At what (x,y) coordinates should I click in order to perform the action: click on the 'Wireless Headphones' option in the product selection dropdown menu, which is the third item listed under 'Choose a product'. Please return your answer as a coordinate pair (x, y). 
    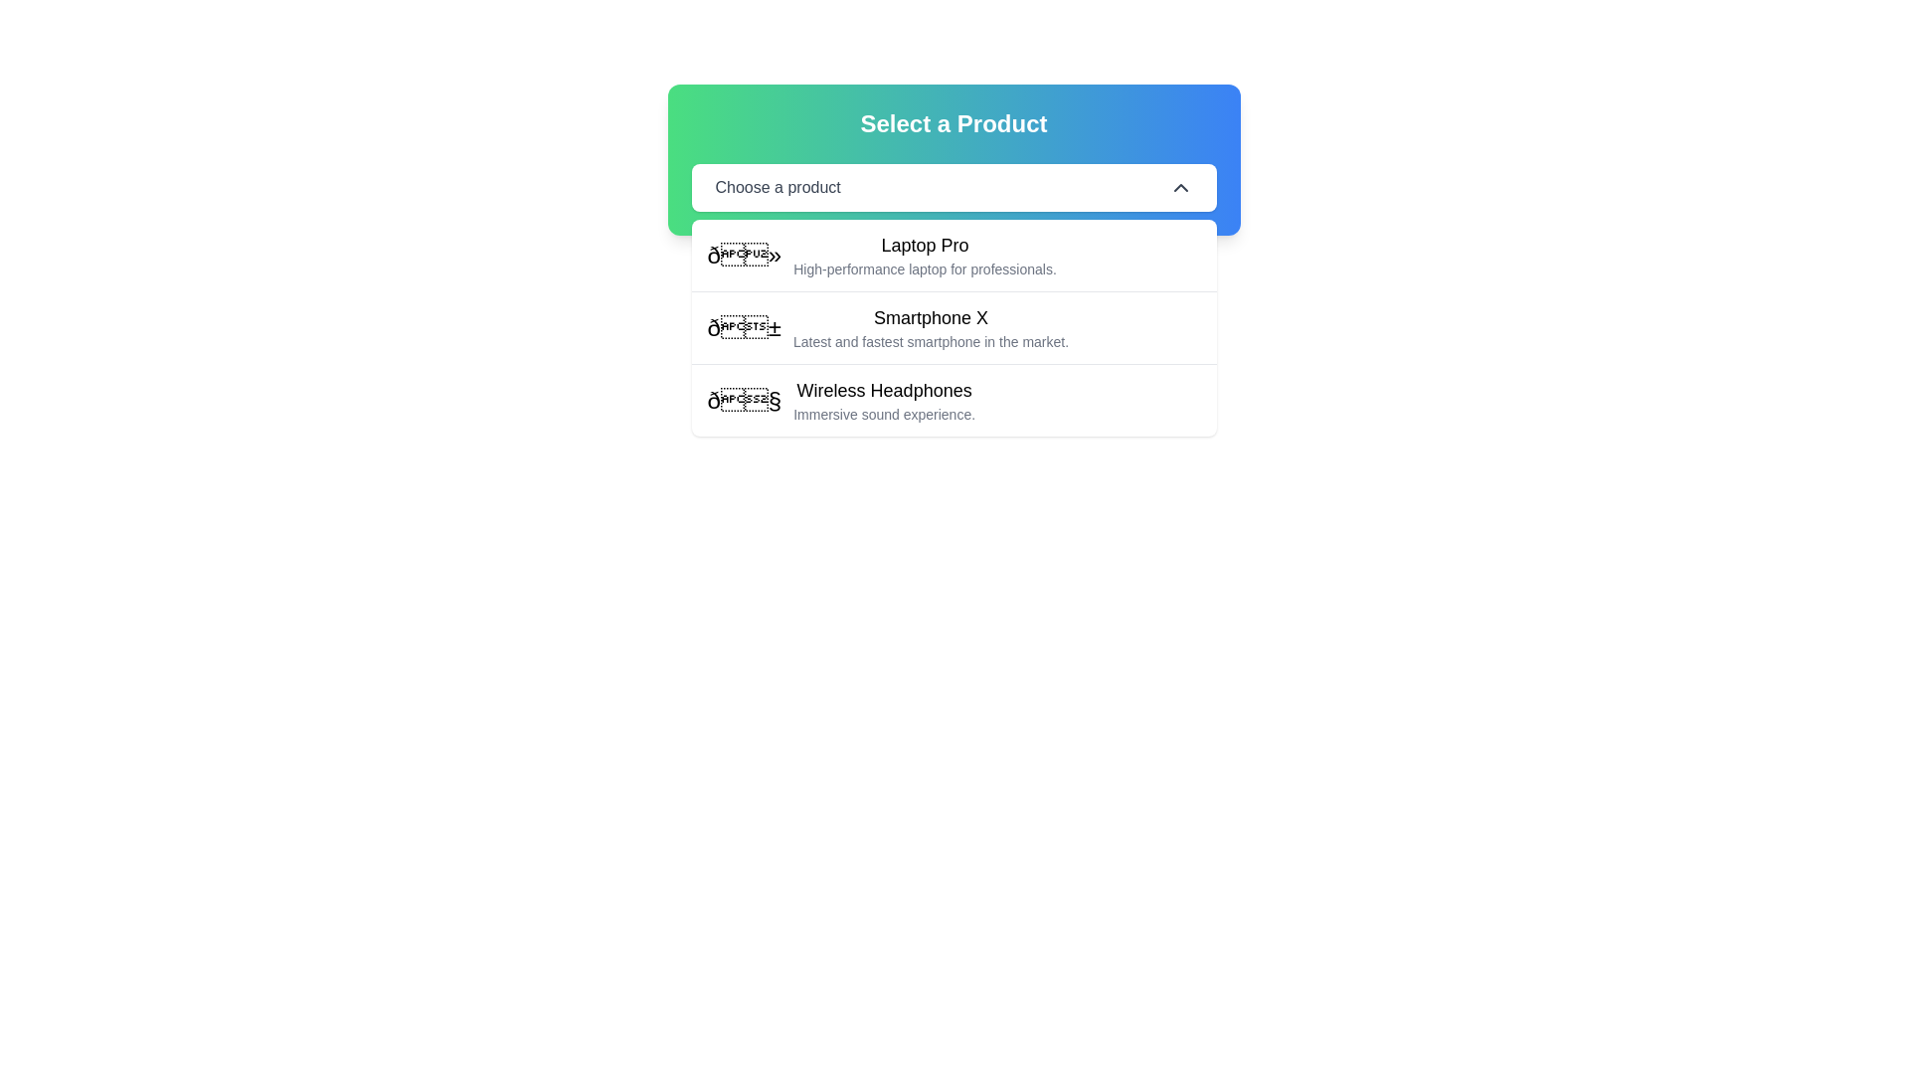
    Looking at the image, I should click on (883, 400).